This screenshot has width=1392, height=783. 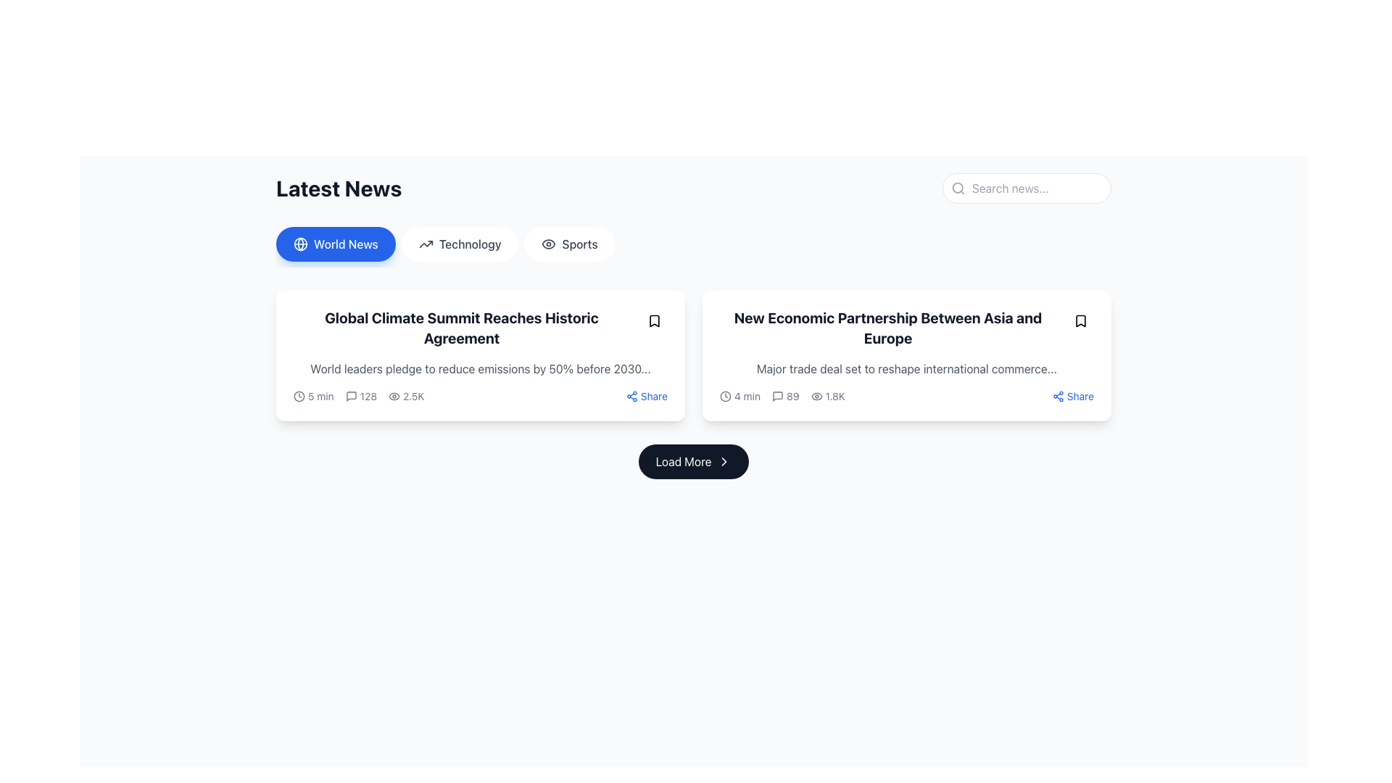 I want to click on the title of the news article located at the top-left of the news card layout to interact with it, if interactive actions are available, so click(x=467, y=328).